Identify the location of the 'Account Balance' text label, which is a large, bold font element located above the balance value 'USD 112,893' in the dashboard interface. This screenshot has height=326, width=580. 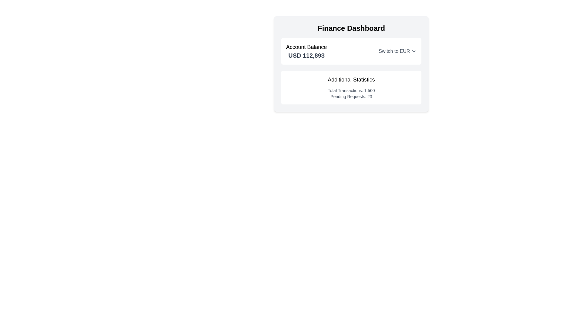
(306, 46).